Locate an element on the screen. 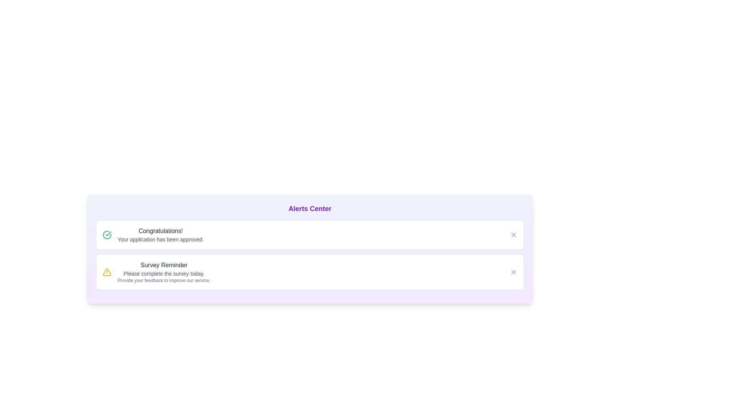 This screenshot has height=410, width=729. the detail text of the alert to interact with it is located at coordinates (164, 281).